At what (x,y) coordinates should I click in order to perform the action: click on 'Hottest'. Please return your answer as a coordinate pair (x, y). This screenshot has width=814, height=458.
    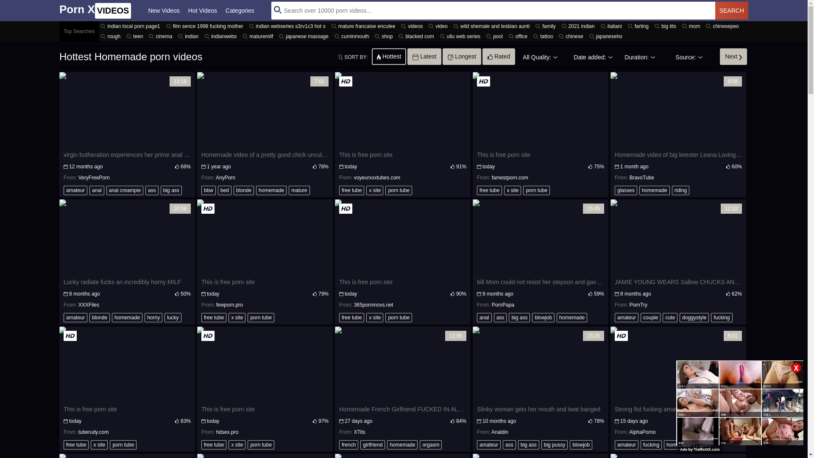
    Looking at the image, I should click on (388, 56).